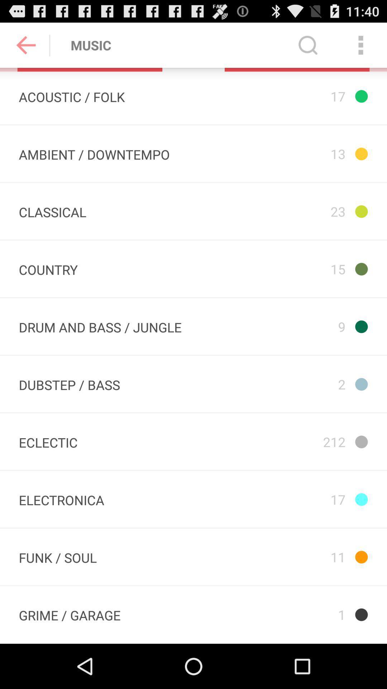 This screenshot has width=387, height=689. I want to click on the icon below the 9 app, so click(296, 384).